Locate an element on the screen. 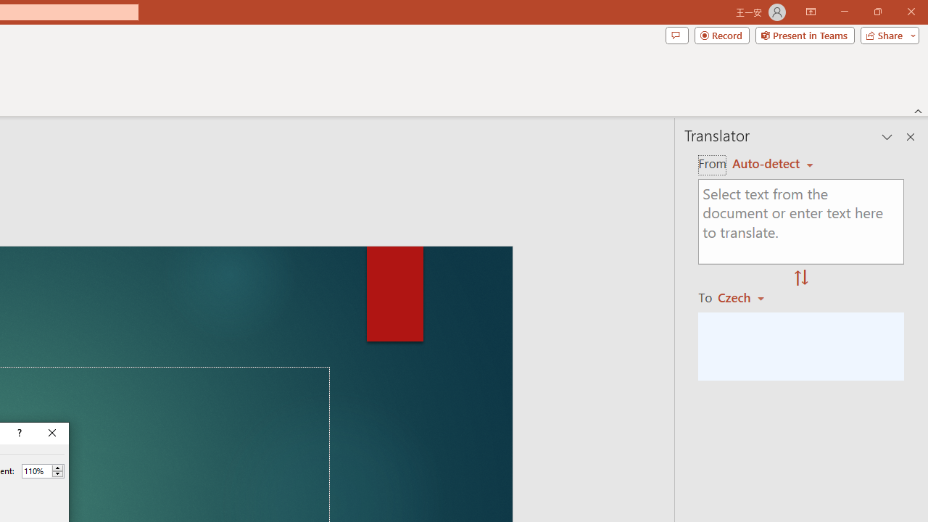  'Percent' is located at coordinates (43, 471).